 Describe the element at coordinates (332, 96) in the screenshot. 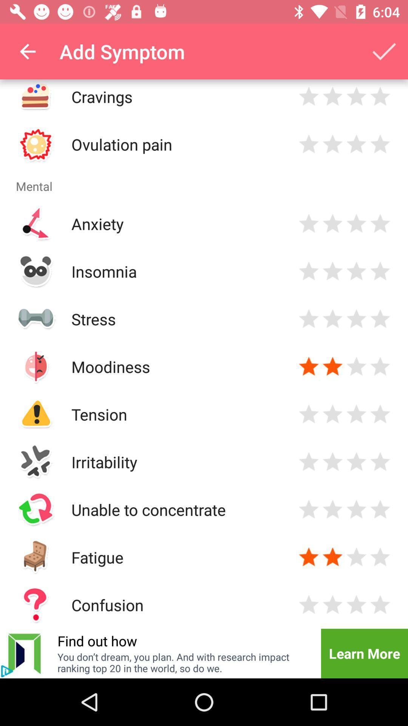

I see `rate` at that location.